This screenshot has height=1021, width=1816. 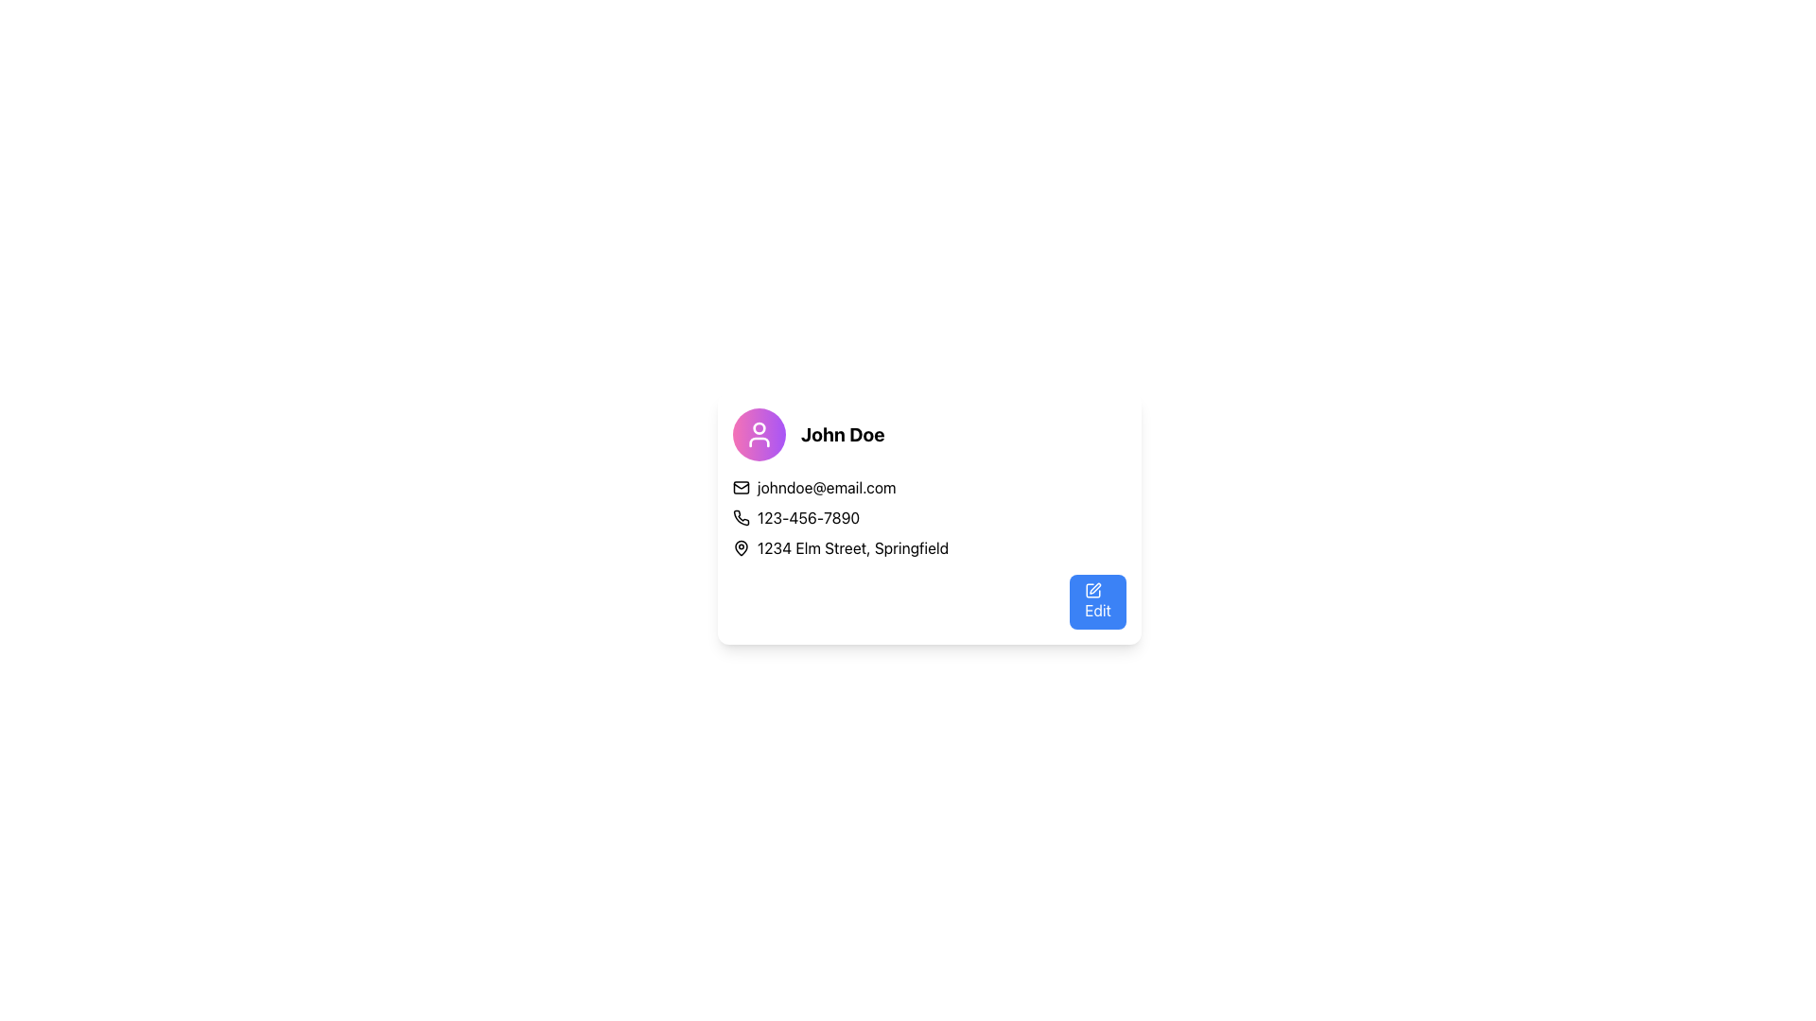 What do you see at coordinates (842, 434) in the screenshot?
I see `the text label displaying 'John Doe' in bold, large font, which is prominently positioned in the user profile card` at bounding box center [842, 434].